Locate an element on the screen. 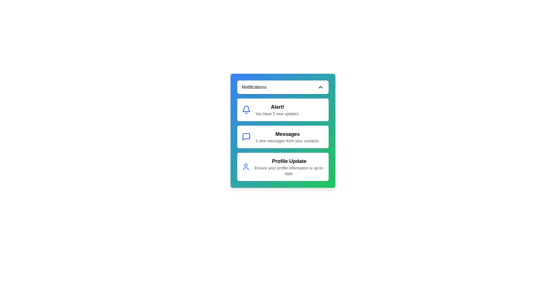  the notification icon corresponding to Profile Update is located at coordinates (245, 166).